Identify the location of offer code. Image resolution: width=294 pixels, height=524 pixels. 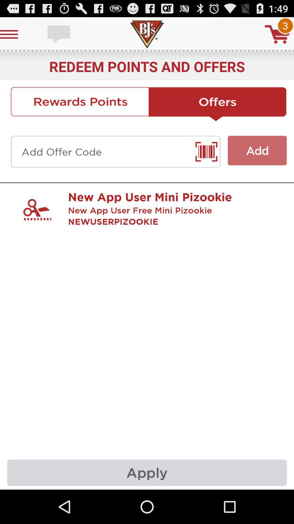
(115, 152).